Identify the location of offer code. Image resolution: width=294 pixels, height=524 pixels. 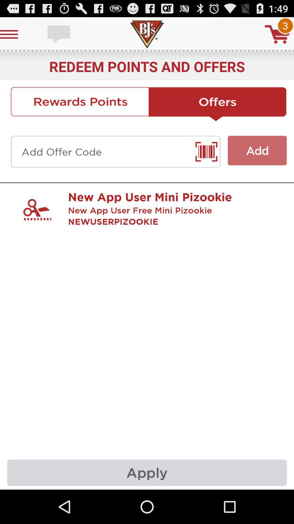
(115, 152).